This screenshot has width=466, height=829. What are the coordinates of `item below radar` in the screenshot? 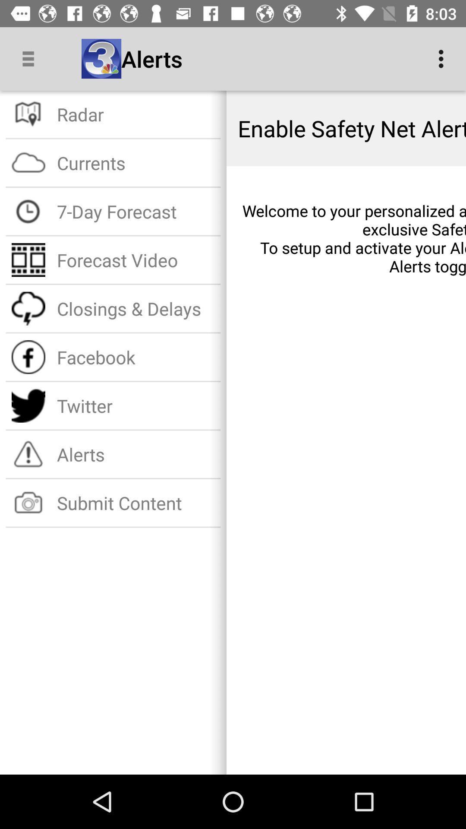 It's located at (136, 163).